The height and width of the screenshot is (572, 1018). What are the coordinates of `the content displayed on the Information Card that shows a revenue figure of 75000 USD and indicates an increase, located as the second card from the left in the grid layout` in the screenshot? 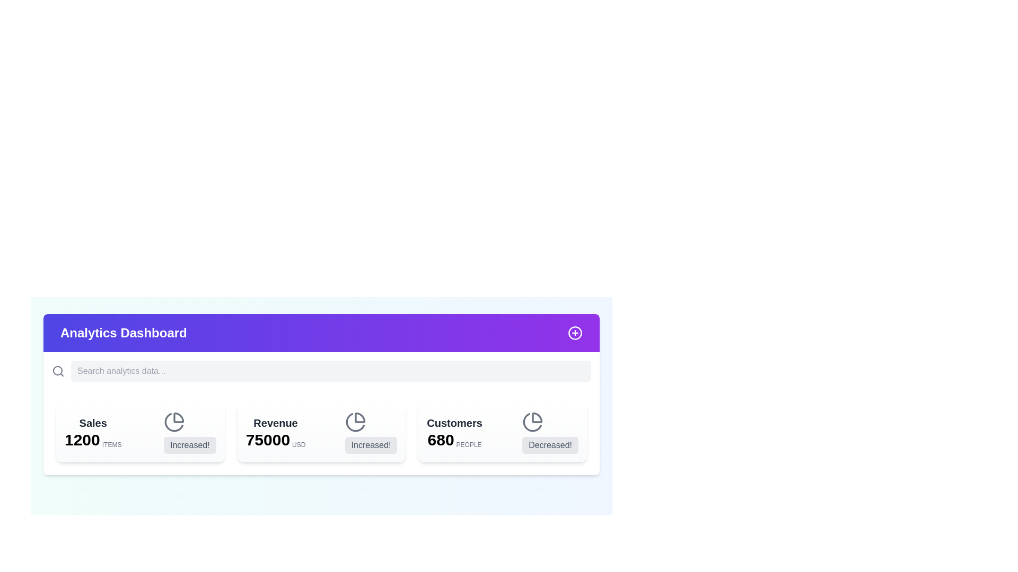 It's located at (321, 433).